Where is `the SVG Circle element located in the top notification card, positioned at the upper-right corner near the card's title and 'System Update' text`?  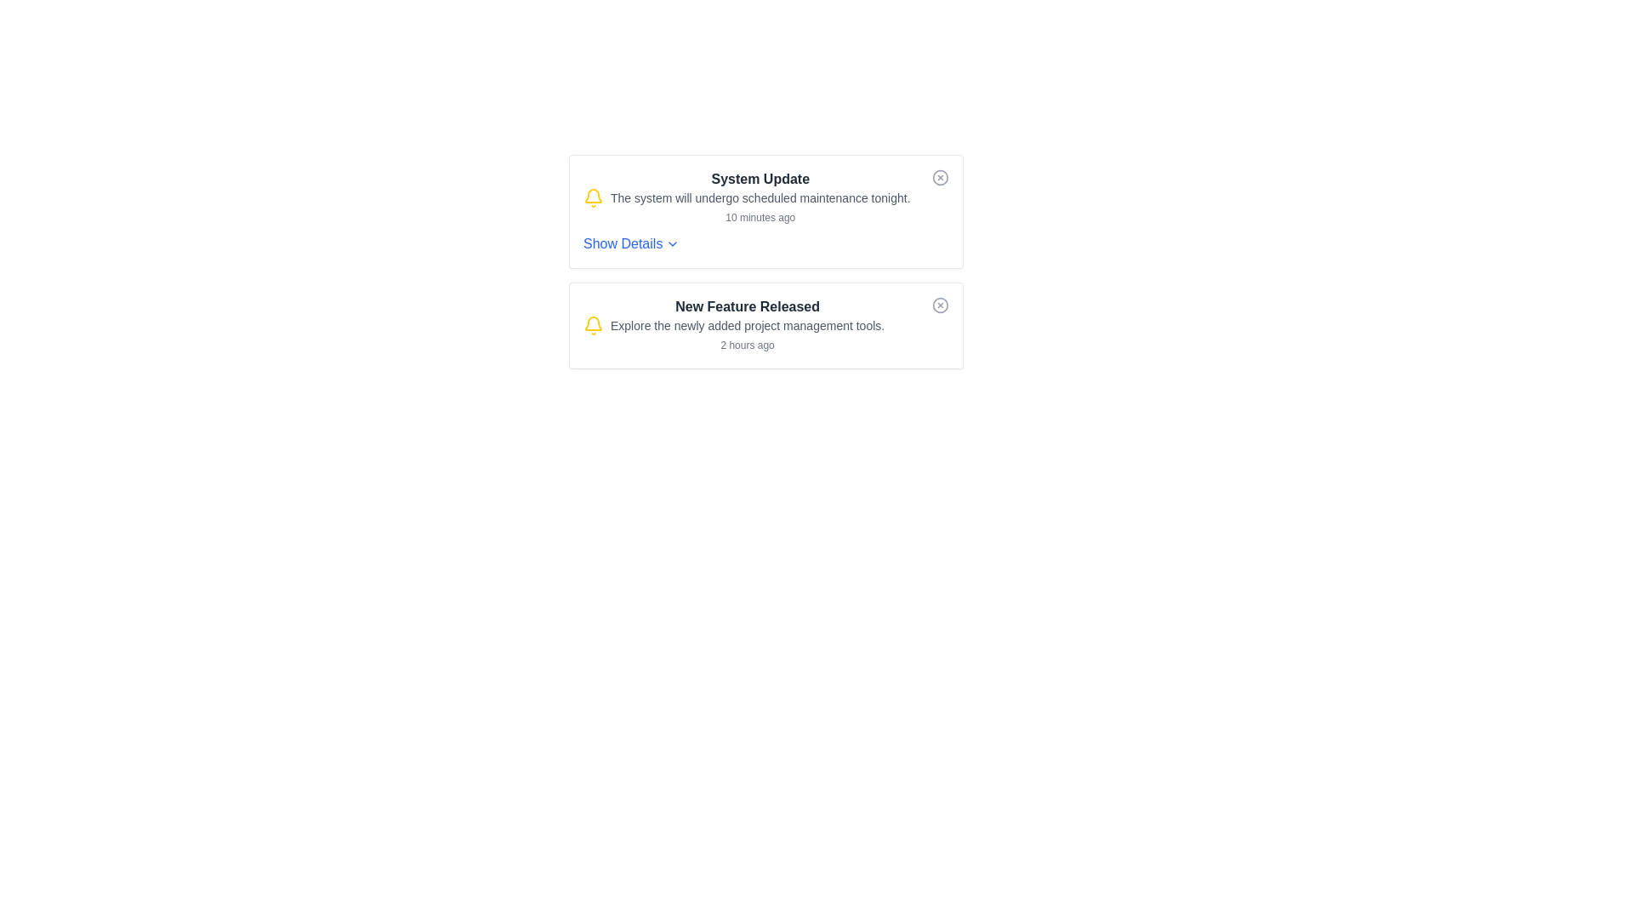
the SVG Circle element located in the top notification card, positioned at the upper-right corner near the card's title and 'System Update' text is located at coordinates (939, 177).